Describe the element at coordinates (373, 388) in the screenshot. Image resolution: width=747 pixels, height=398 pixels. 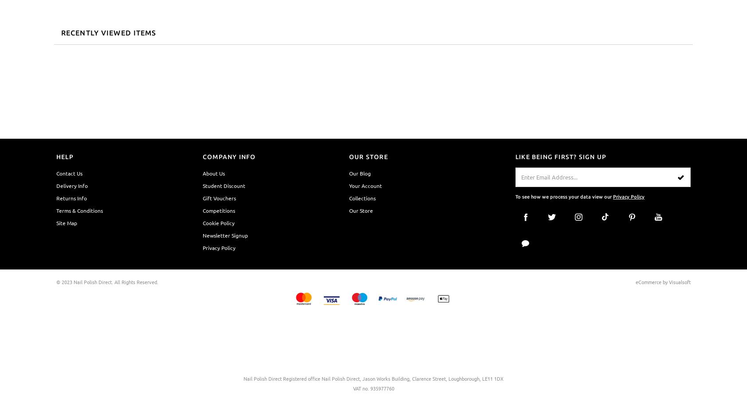
I see `'VAT no. 935977760'` at that location.